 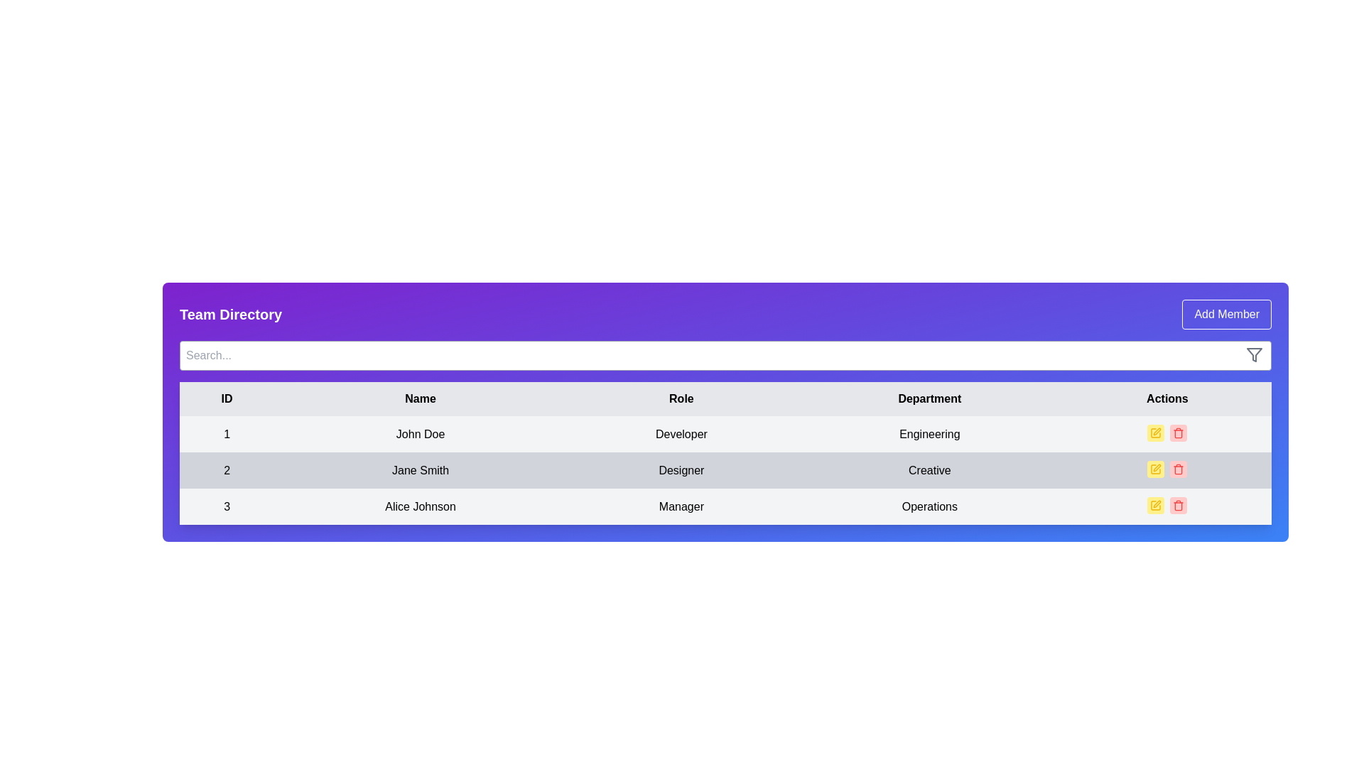 I want to click on the 'Edit' button in the 'Actions' column for the row corresponding to 'Jane Smith' in the 'Team Directory' table to initiate editing, so click(x=1156, y=469).